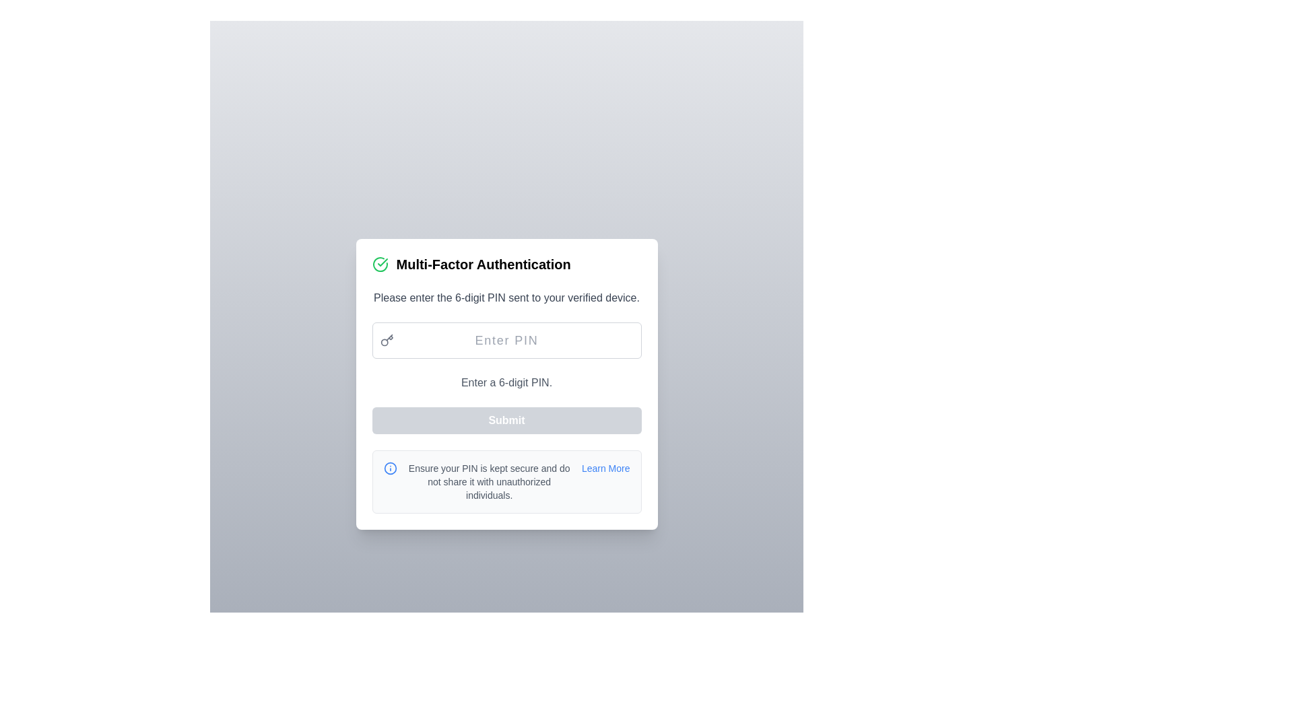  What do you see at coordinates (379, 265) in the screenshot?
I see `the graphical status indicator icon for the 'Multi-Factor Authentication' process, which is positioned to the left of the corresponding text in the top section of a centered modal box` at bounding box center [379, 265].